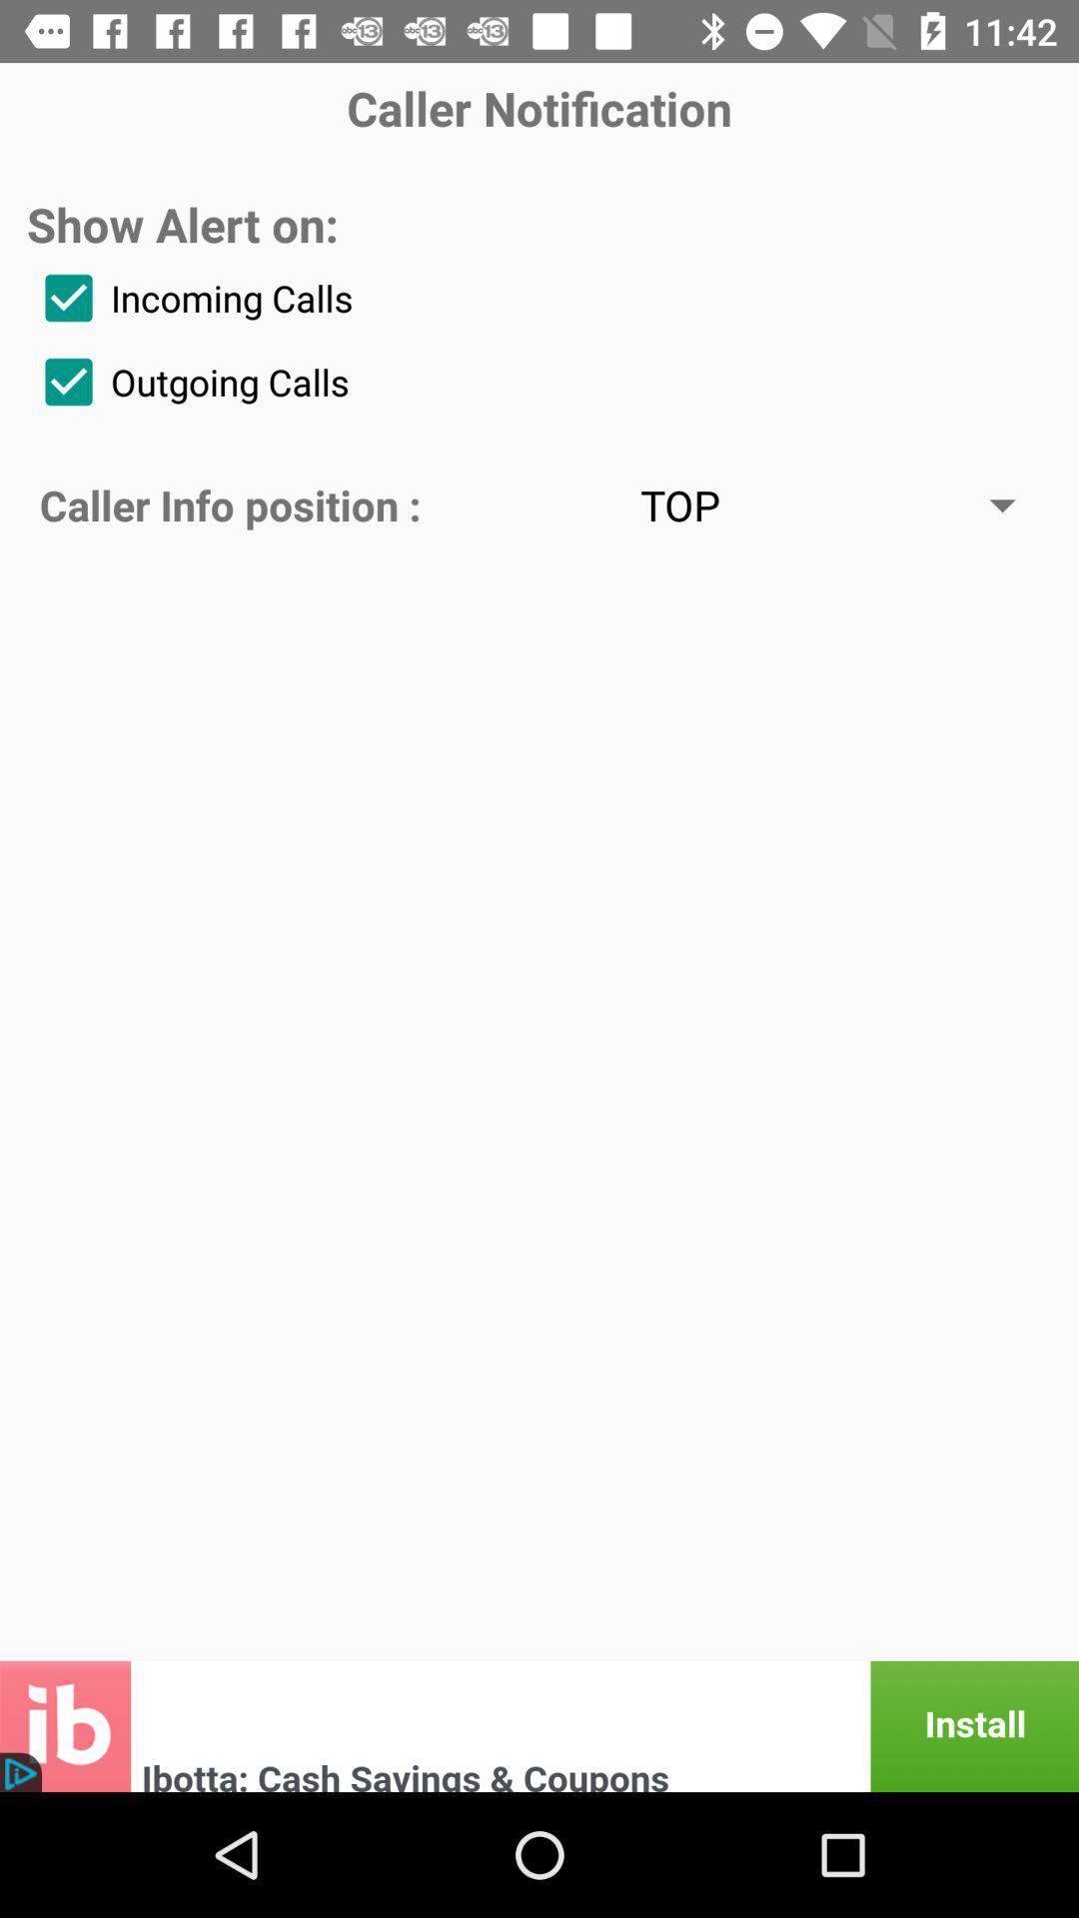  Describe the element at coordinates (539, 1725) in the screenshot. I see `advertisement` at that location.